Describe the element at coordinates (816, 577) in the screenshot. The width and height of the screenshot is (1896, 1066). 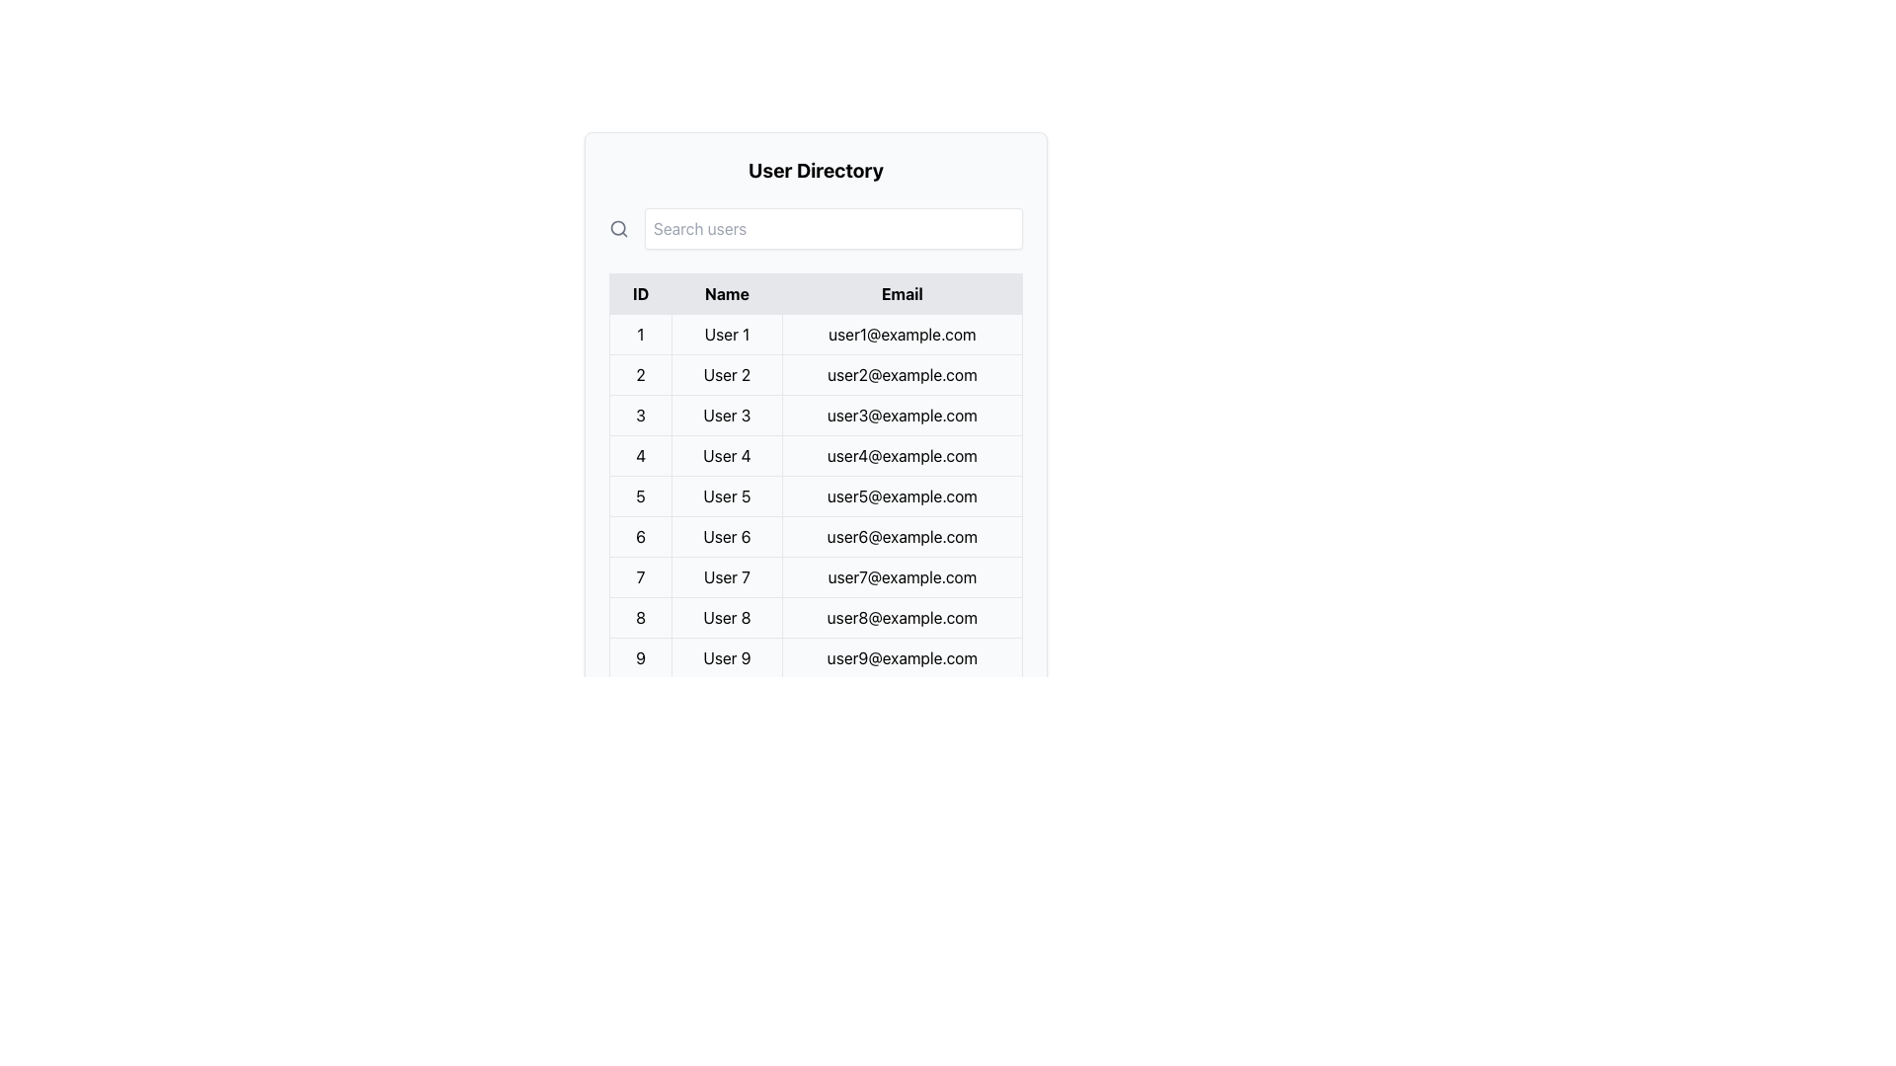
I see `the seventh row in the user directory table` at that location.